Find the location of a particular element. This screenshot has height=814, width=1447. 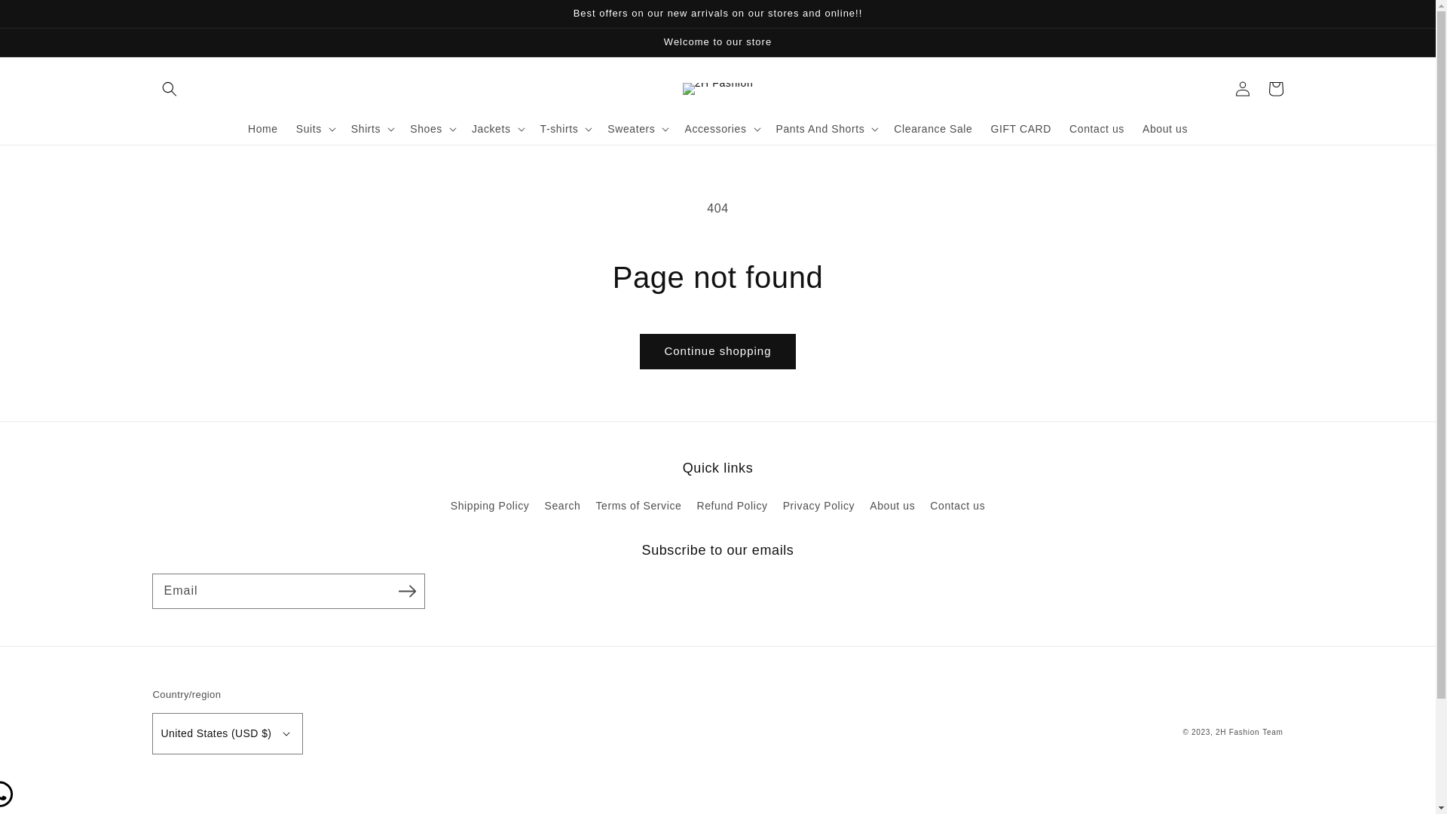

'Clearance Sale' is located at coordinates (932, 127).